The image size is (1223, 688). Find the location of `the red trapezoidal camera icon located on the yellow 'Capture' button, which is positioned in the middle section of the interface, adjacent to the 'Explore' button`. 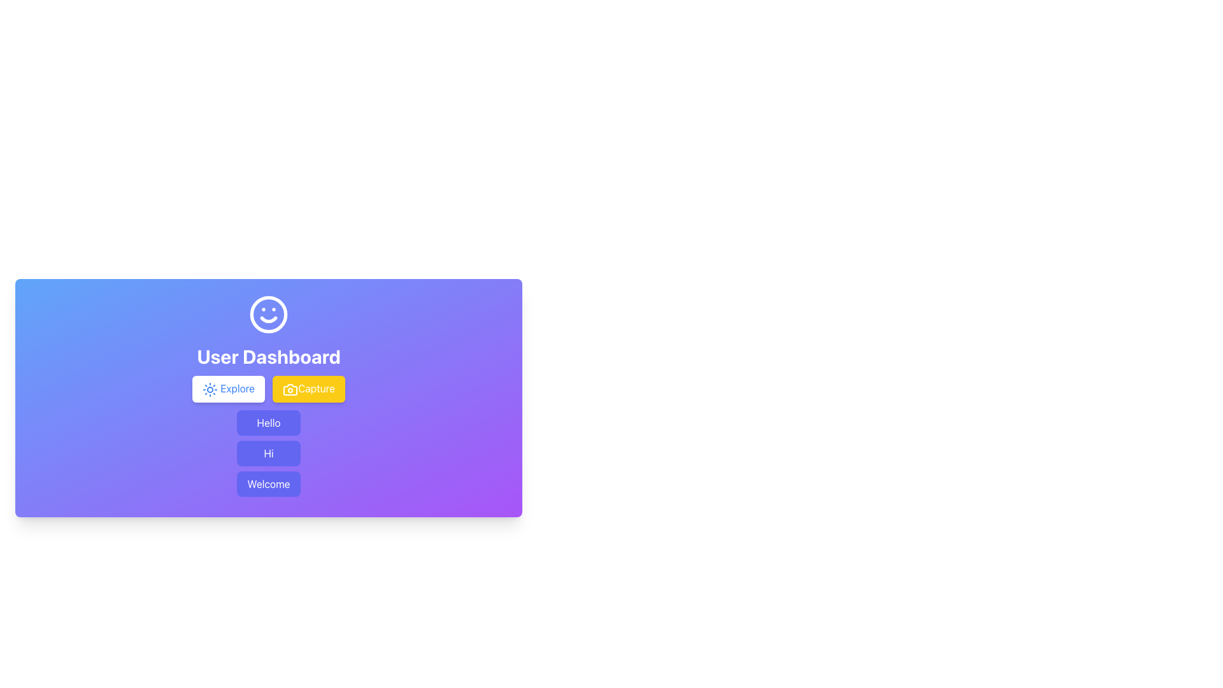

the red trapezoidal camera icon located on the yellow 'Capture' button, which is positioned in the middle section of the interface, adjacent to the 'Explore' button is located at coordinates (290, 389).